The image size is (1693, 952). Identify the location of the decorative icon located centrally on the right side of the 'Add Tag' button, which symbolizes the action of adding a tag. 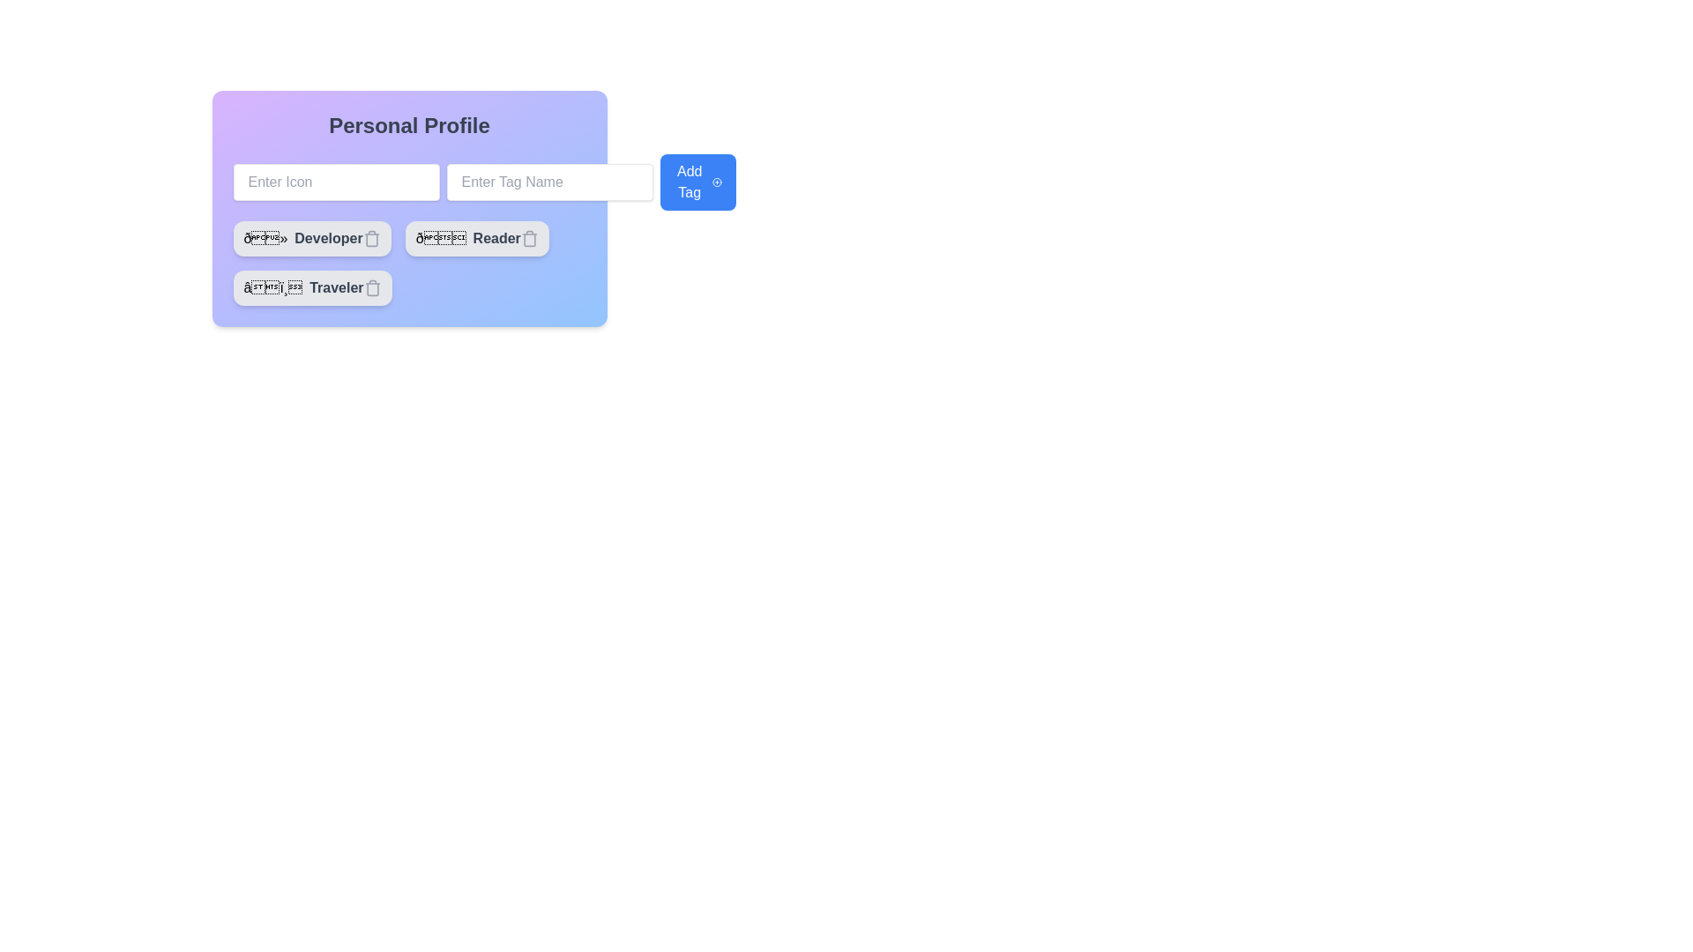
(717, 182).